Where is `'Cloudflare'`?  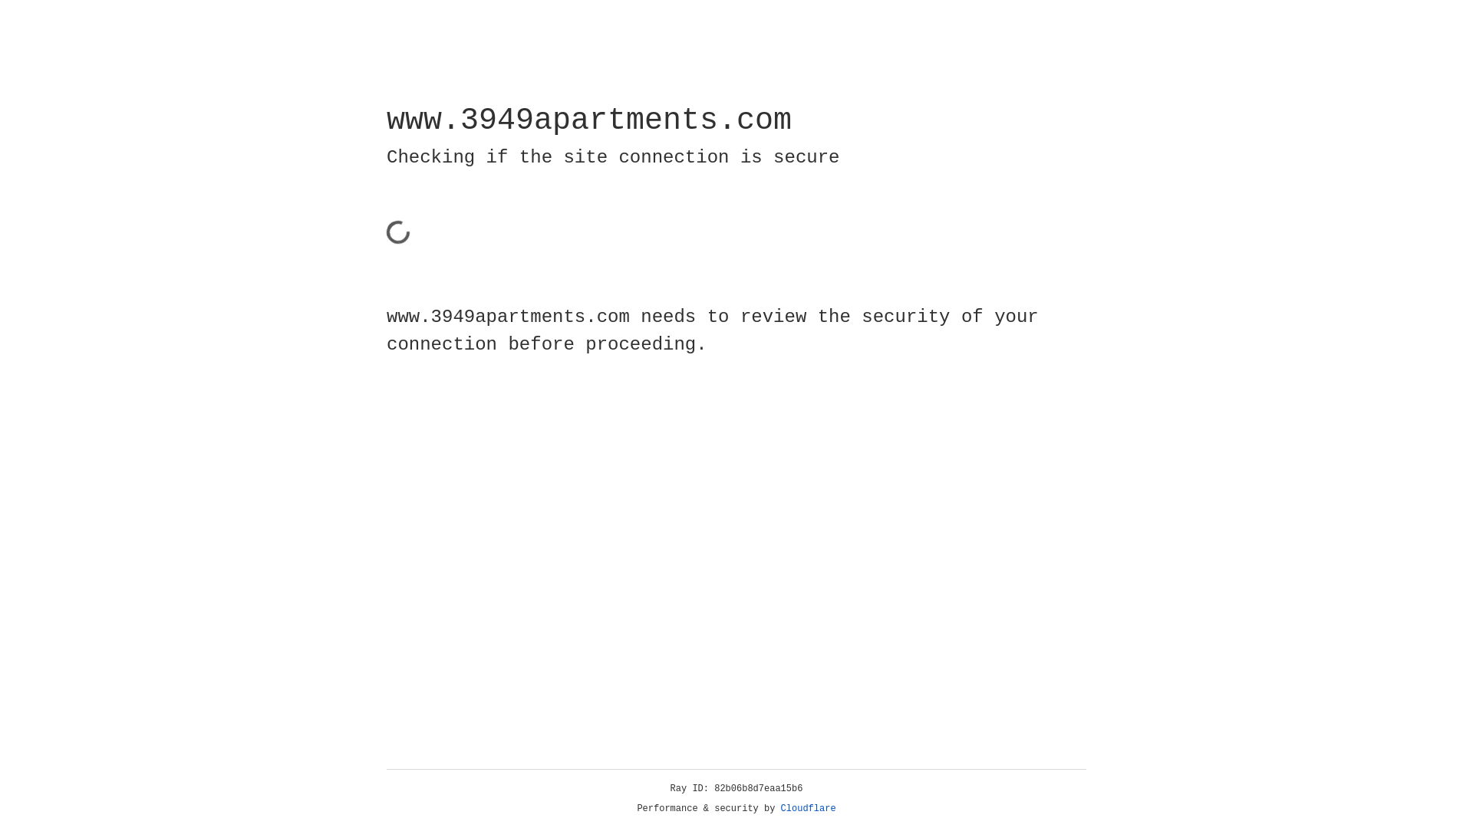
'Cloudflare' is located at coordinates (808, 808).